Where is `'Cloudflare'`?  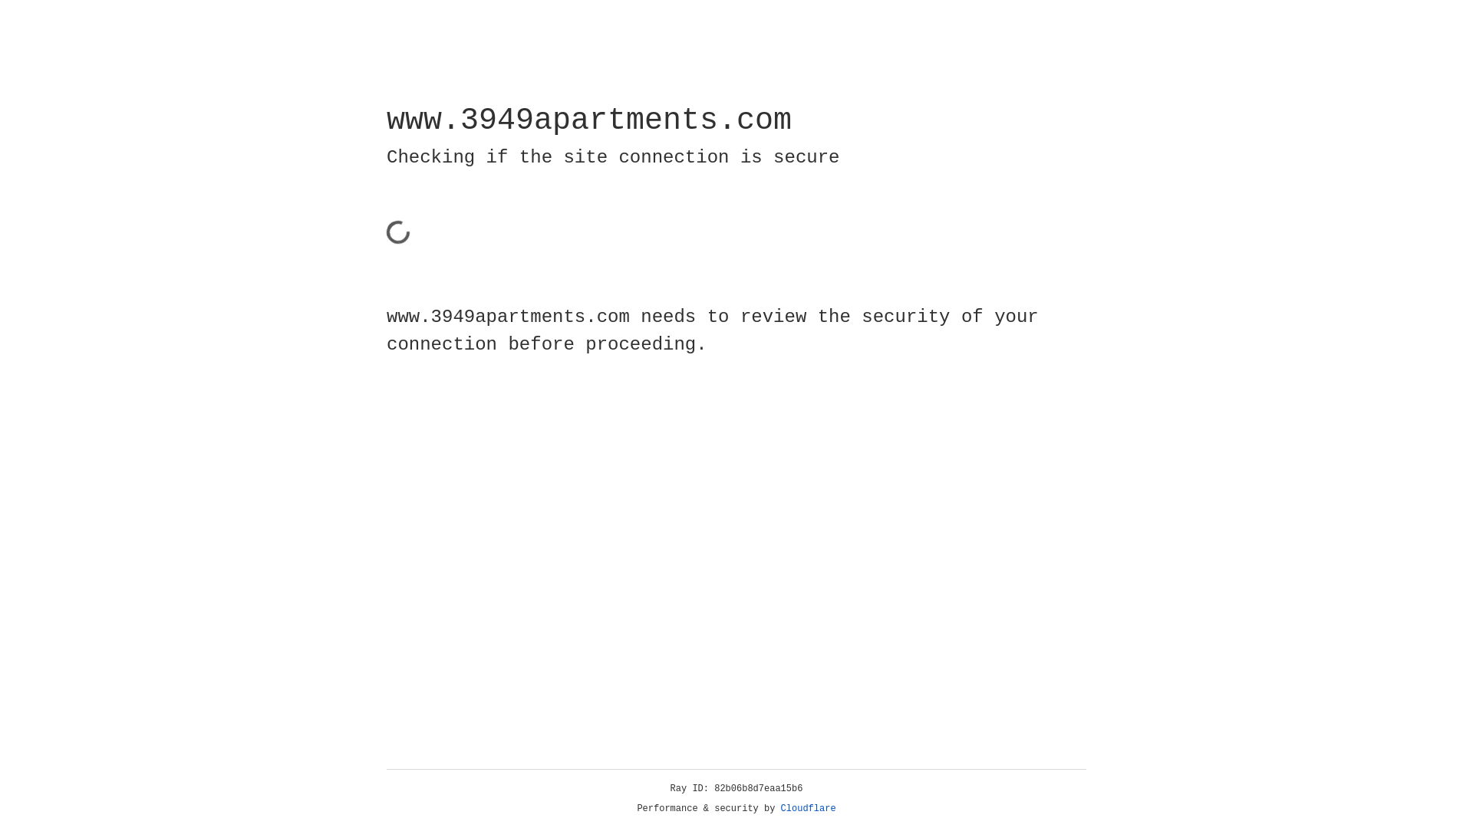
'Cloudflare' is located at coordinates (808, 808).